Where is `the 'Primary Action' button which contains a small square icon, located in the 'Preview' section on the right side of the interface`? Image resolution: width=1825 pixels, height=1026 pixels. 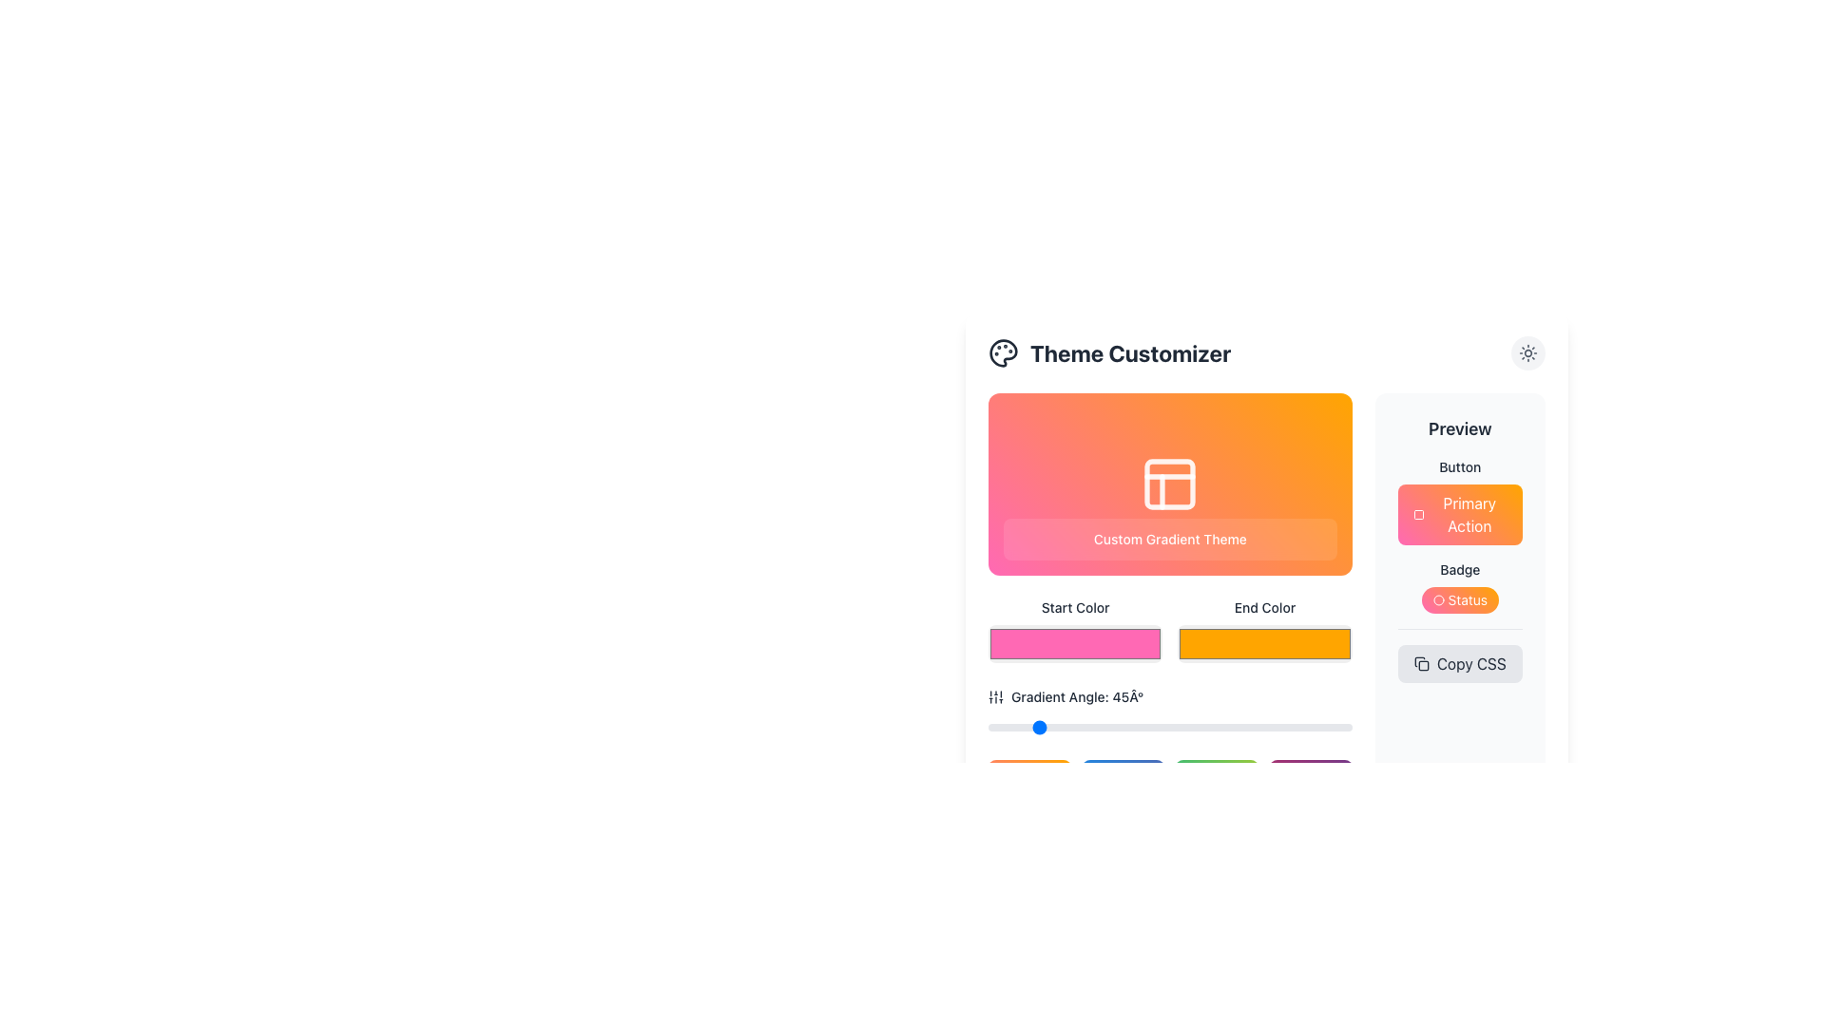 the 'Primary Action' button which contains a small square icon, located in the 'Preview' section on the right side of the interface is located at coordinates (1418, 515).